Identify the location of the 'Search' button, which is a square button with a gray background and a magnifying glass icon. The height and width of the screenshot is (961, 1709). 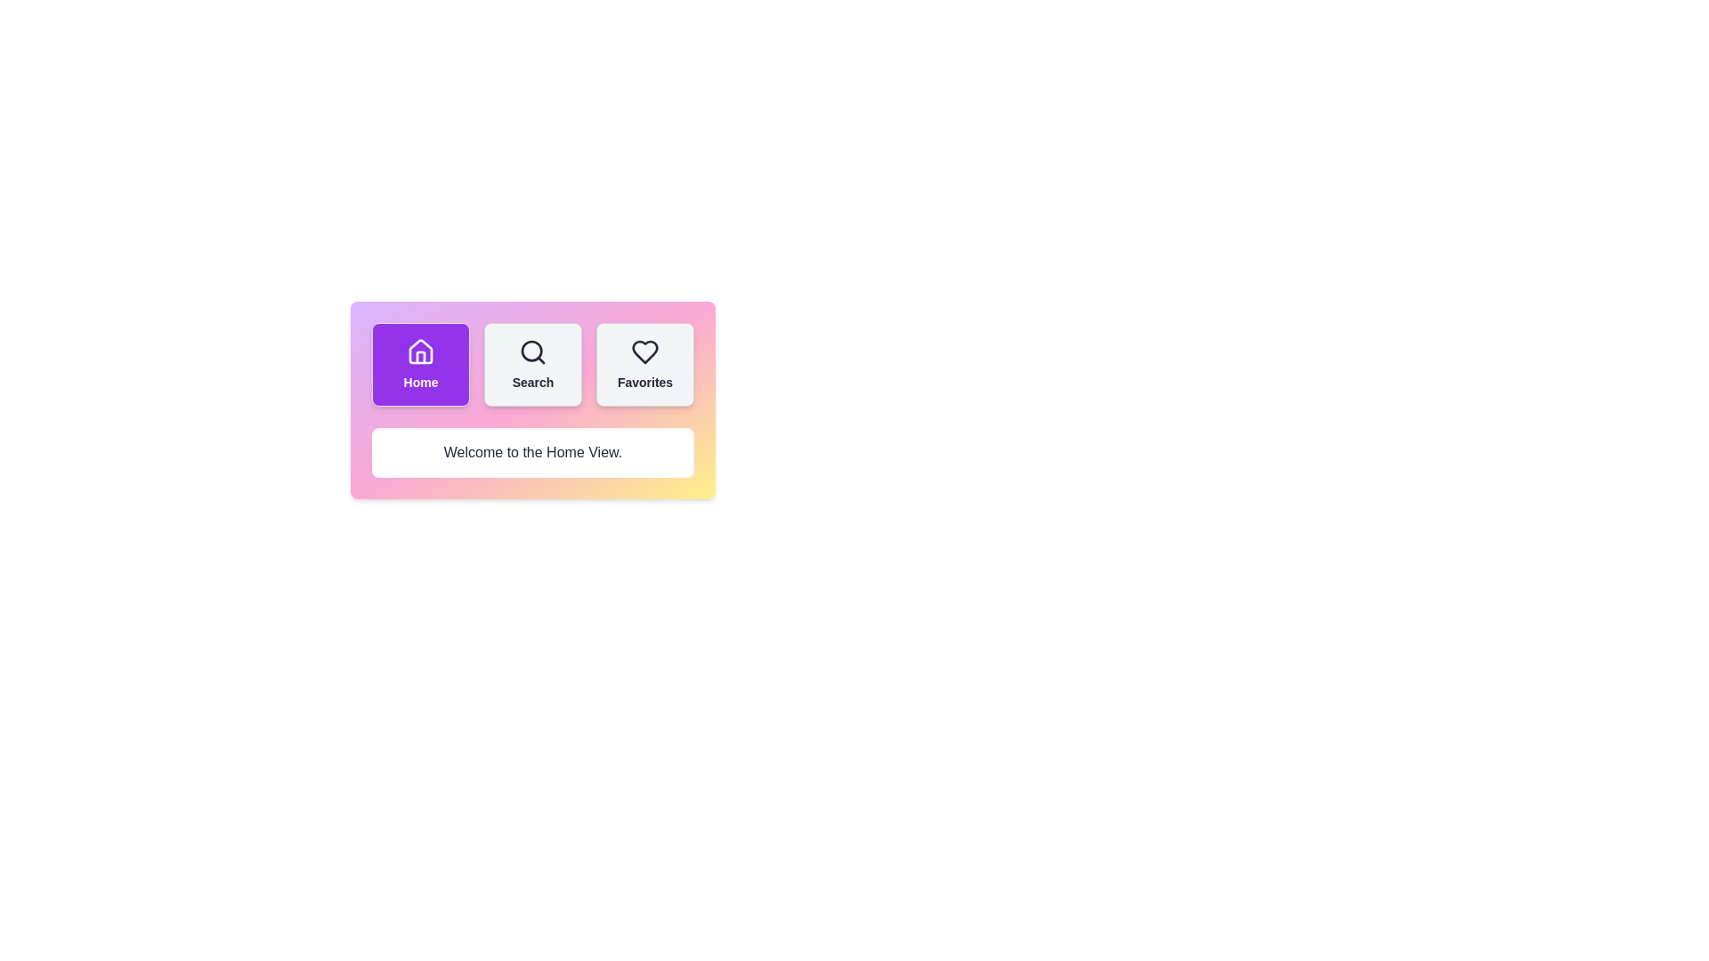
(532, 363).